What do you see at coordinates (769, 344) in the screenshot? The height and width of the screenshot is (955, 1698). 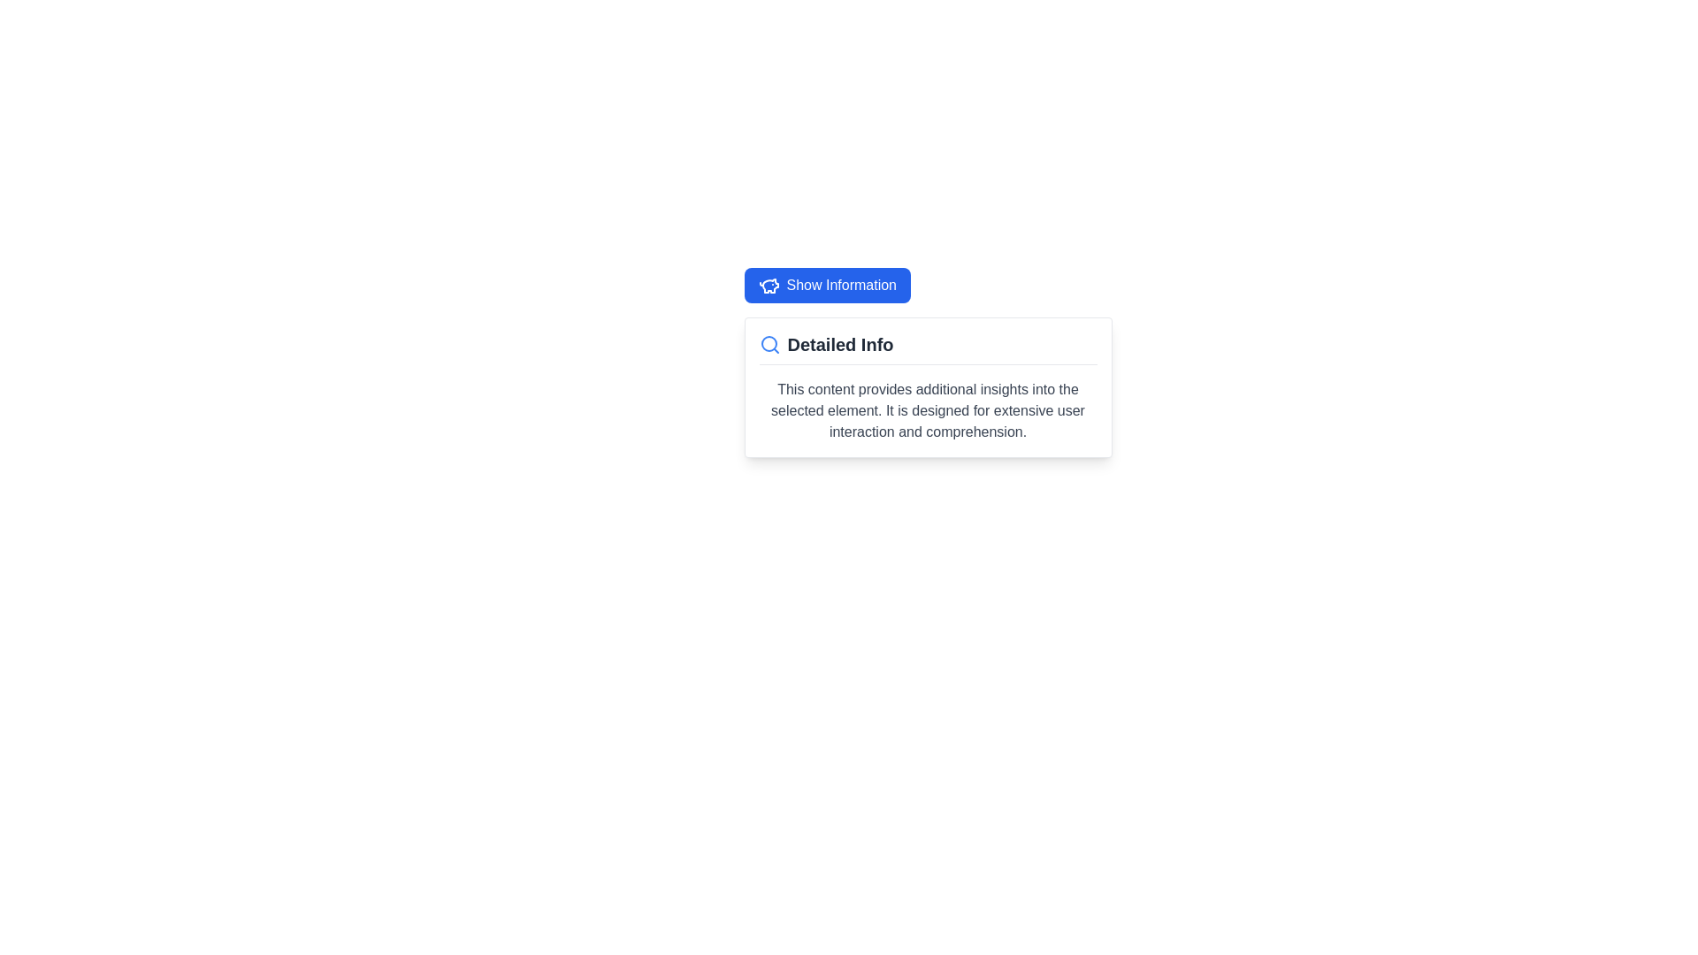 I see `the circular lens part of the magnifying glass icon, which is centered inside the larger visual structure` at bounding box center [769, 344].